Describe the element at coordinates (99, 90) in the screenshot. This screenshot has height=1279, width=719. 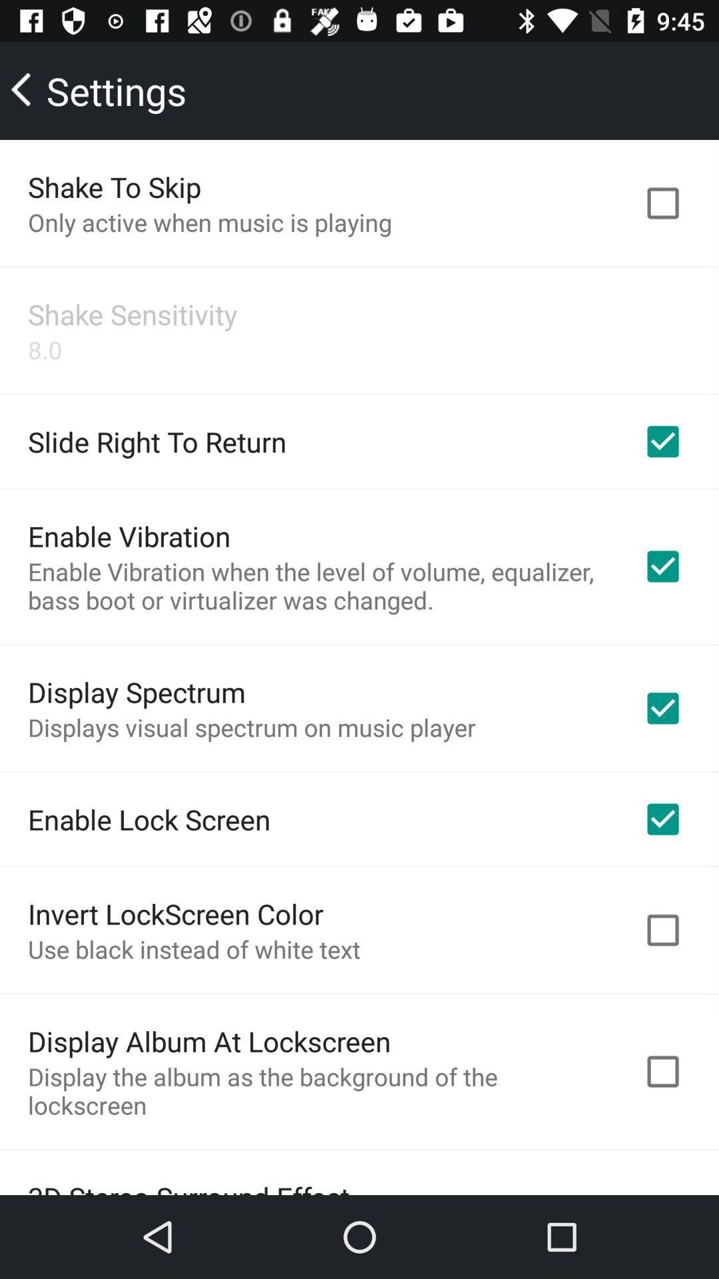
I see `icon above shake to skip` at that location.